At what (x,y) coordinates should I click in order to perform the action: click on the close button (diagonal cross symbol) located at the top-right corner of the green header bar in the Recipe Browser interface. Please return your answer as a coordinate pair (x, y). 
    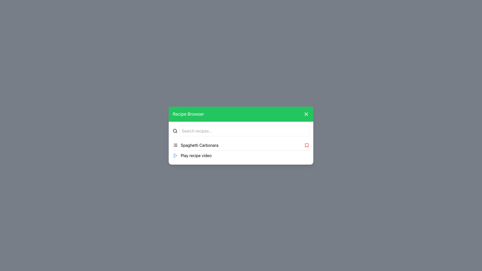
    Looking at the image, I should click on (306, 114).